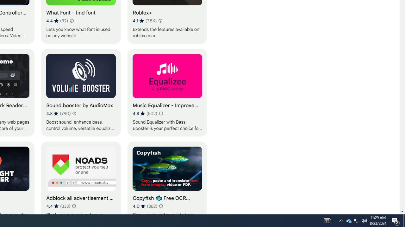 Image resolution: width=405 pixels, height=227 pixels. Describe the element at coordinates (145, 113) in the screenshot. I see `'Average rating 4.8 out of 5 stars. 502 ratings.'` at that location.